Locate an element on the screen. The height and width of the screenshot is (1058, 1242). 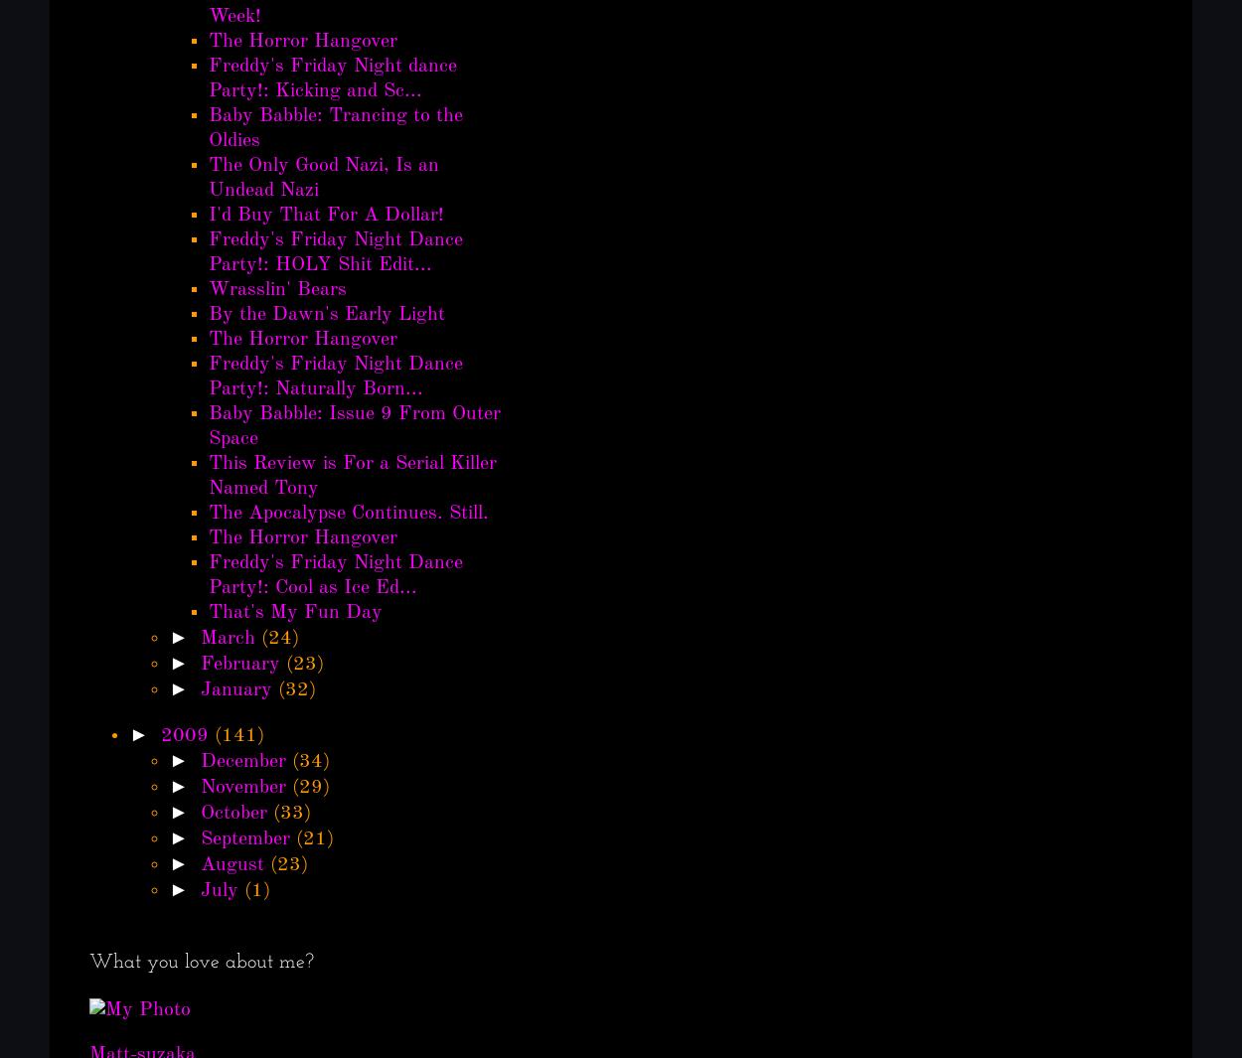
'Wrasslin' Bears' is located at coordinates (208, 289).